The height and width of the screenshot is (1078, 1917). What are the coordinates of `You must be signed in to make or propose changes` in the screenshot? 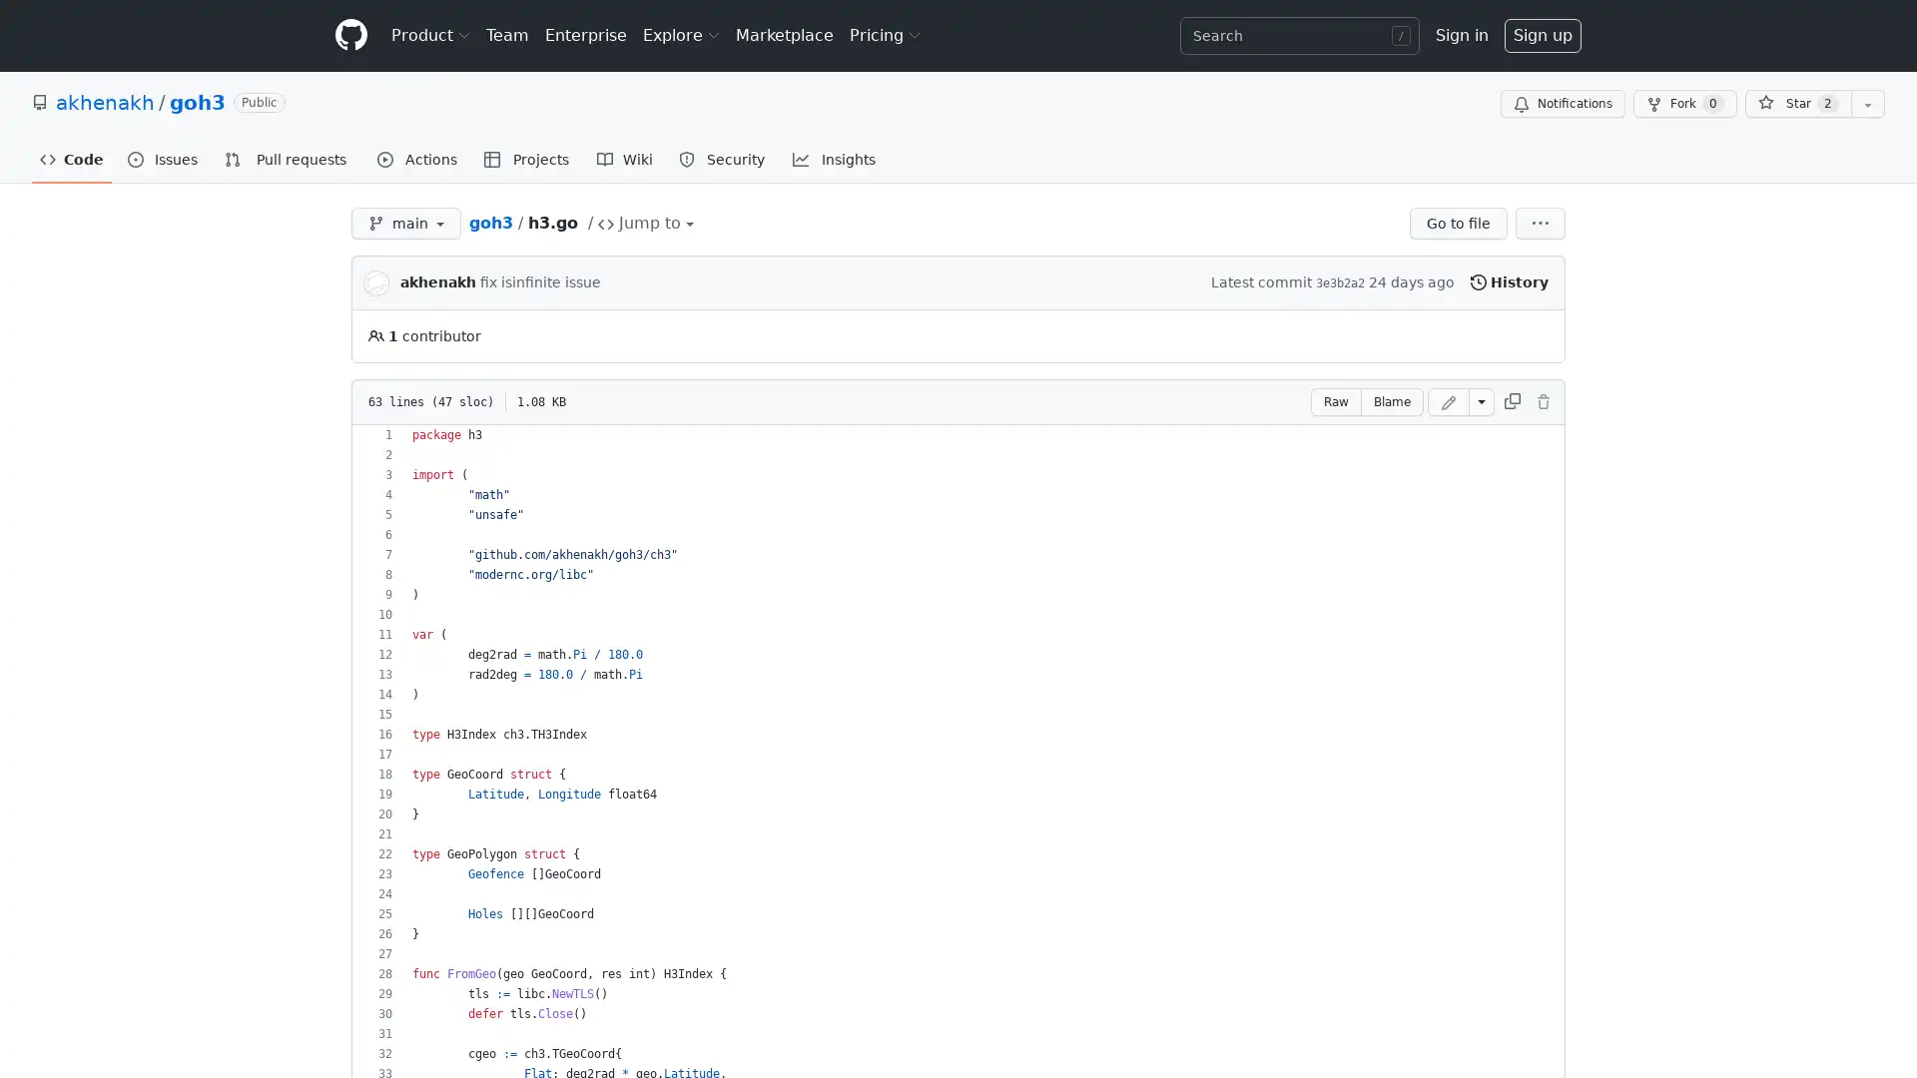 It's located at (1448, 401).